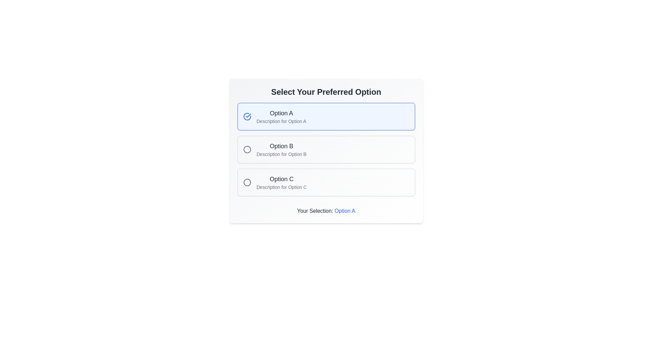 The image size is (646, 363). I want to click on information from the static text label that reads 'Description for Option C', which is positioned below the 'Option C' label in the third option block, so click(282, 187).